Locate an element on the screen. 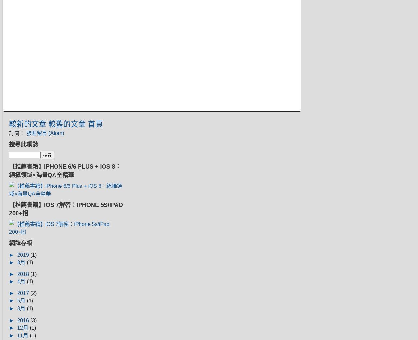 The image size is (418, 340). '12月' is located at coordinates (23, 327).